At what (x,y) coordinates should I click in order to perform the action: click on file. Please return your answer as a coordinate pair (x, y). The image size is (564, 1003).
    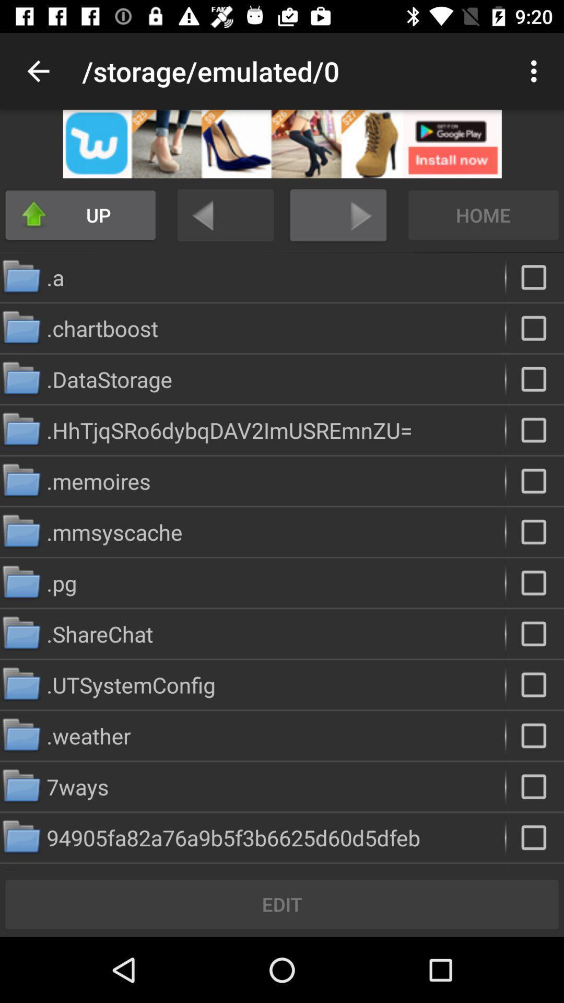
    Looking at the image, I should click on (535, 481).